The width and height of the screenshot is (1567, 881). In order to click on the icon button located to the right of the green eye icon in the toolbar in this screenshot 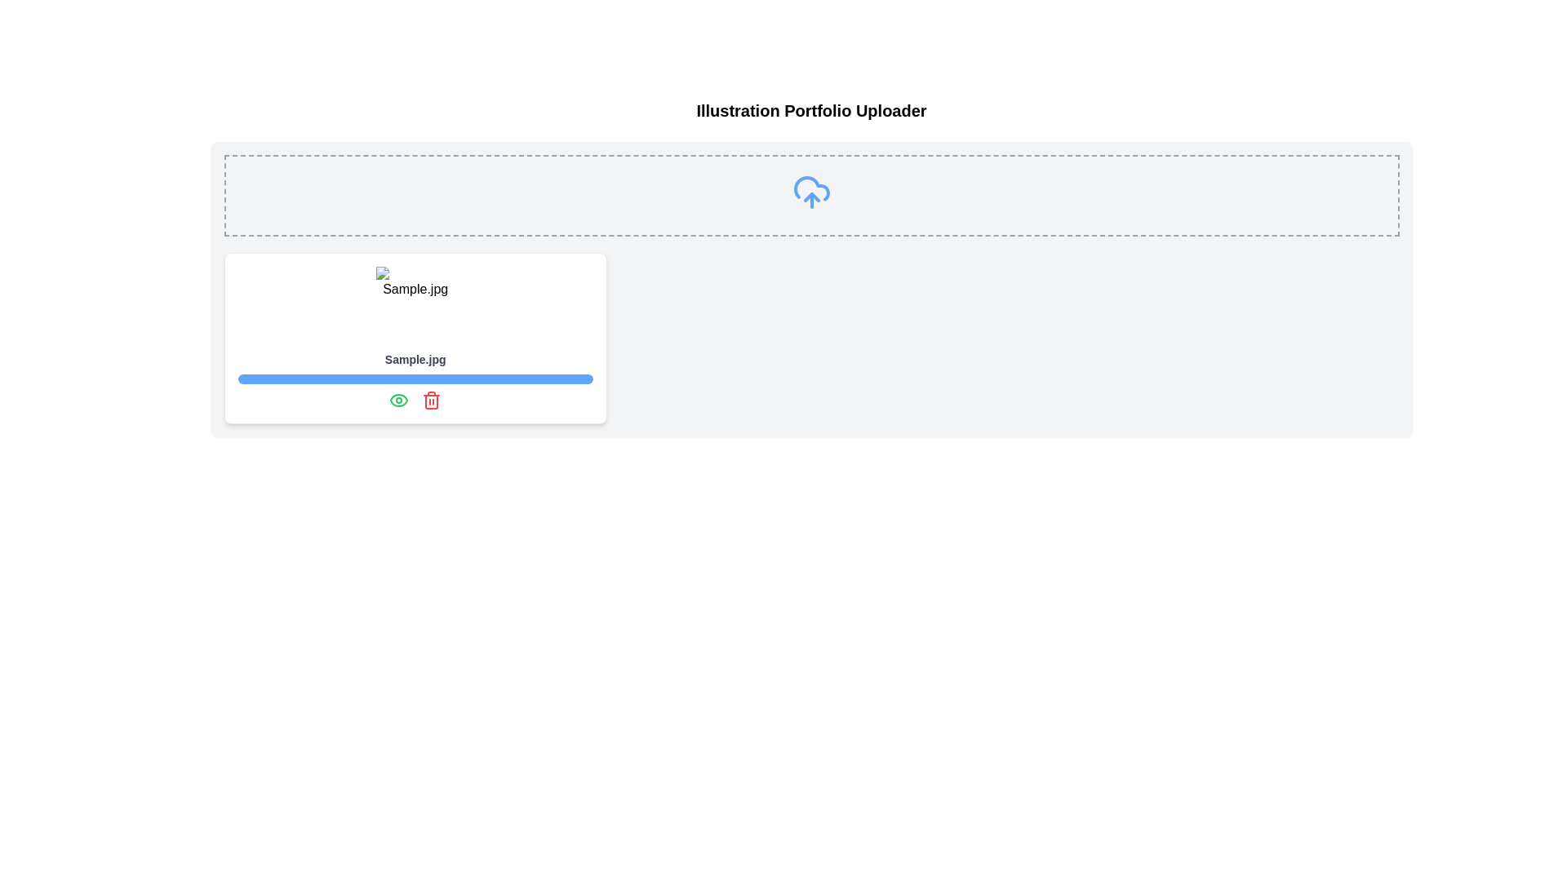, I will do `click(432, 400)`.